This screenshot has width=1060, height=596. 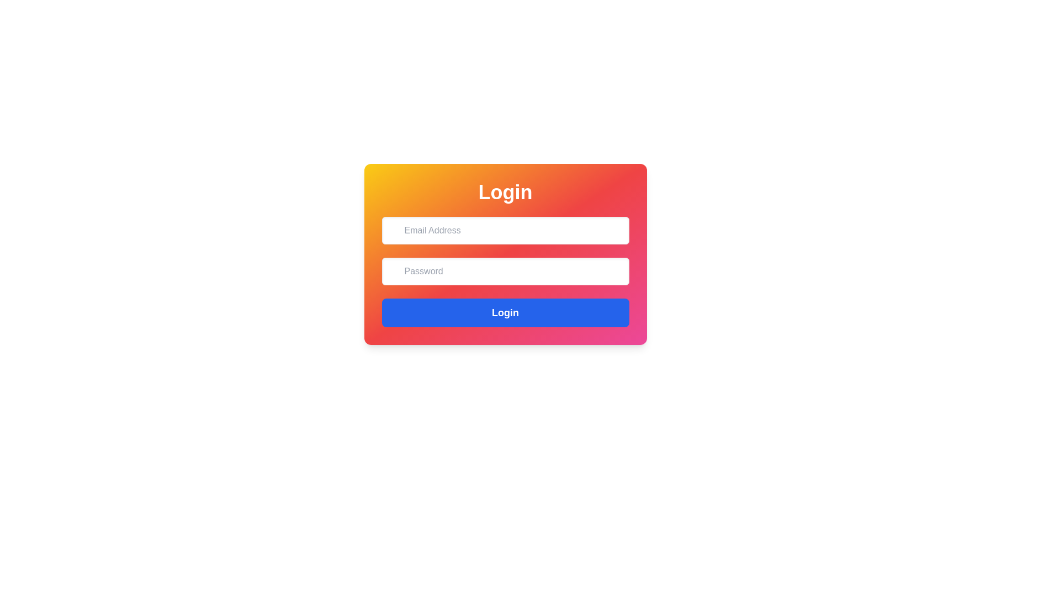 What do you see at coordinates (505, 313) in the screenshot?
I see `the submit button located below the 'Password' input field in the login form for keyboard navigation` at bounding box center [505, 313].